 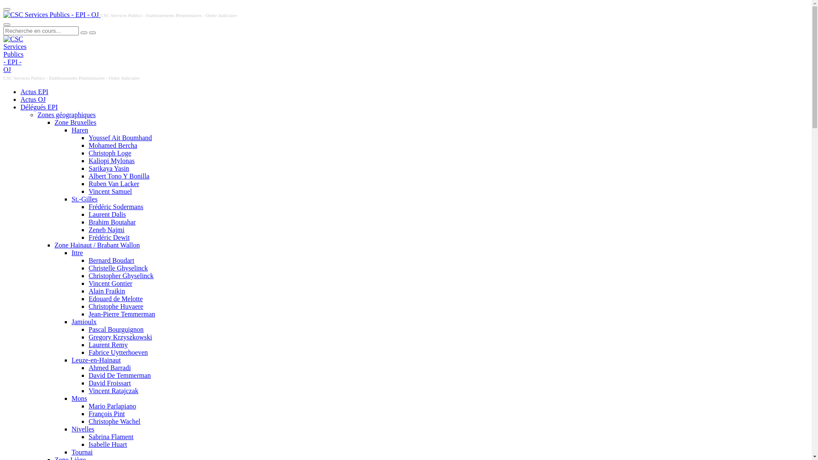 I want to click on 'Zone Bruxelles', so click(x=75, y=122).